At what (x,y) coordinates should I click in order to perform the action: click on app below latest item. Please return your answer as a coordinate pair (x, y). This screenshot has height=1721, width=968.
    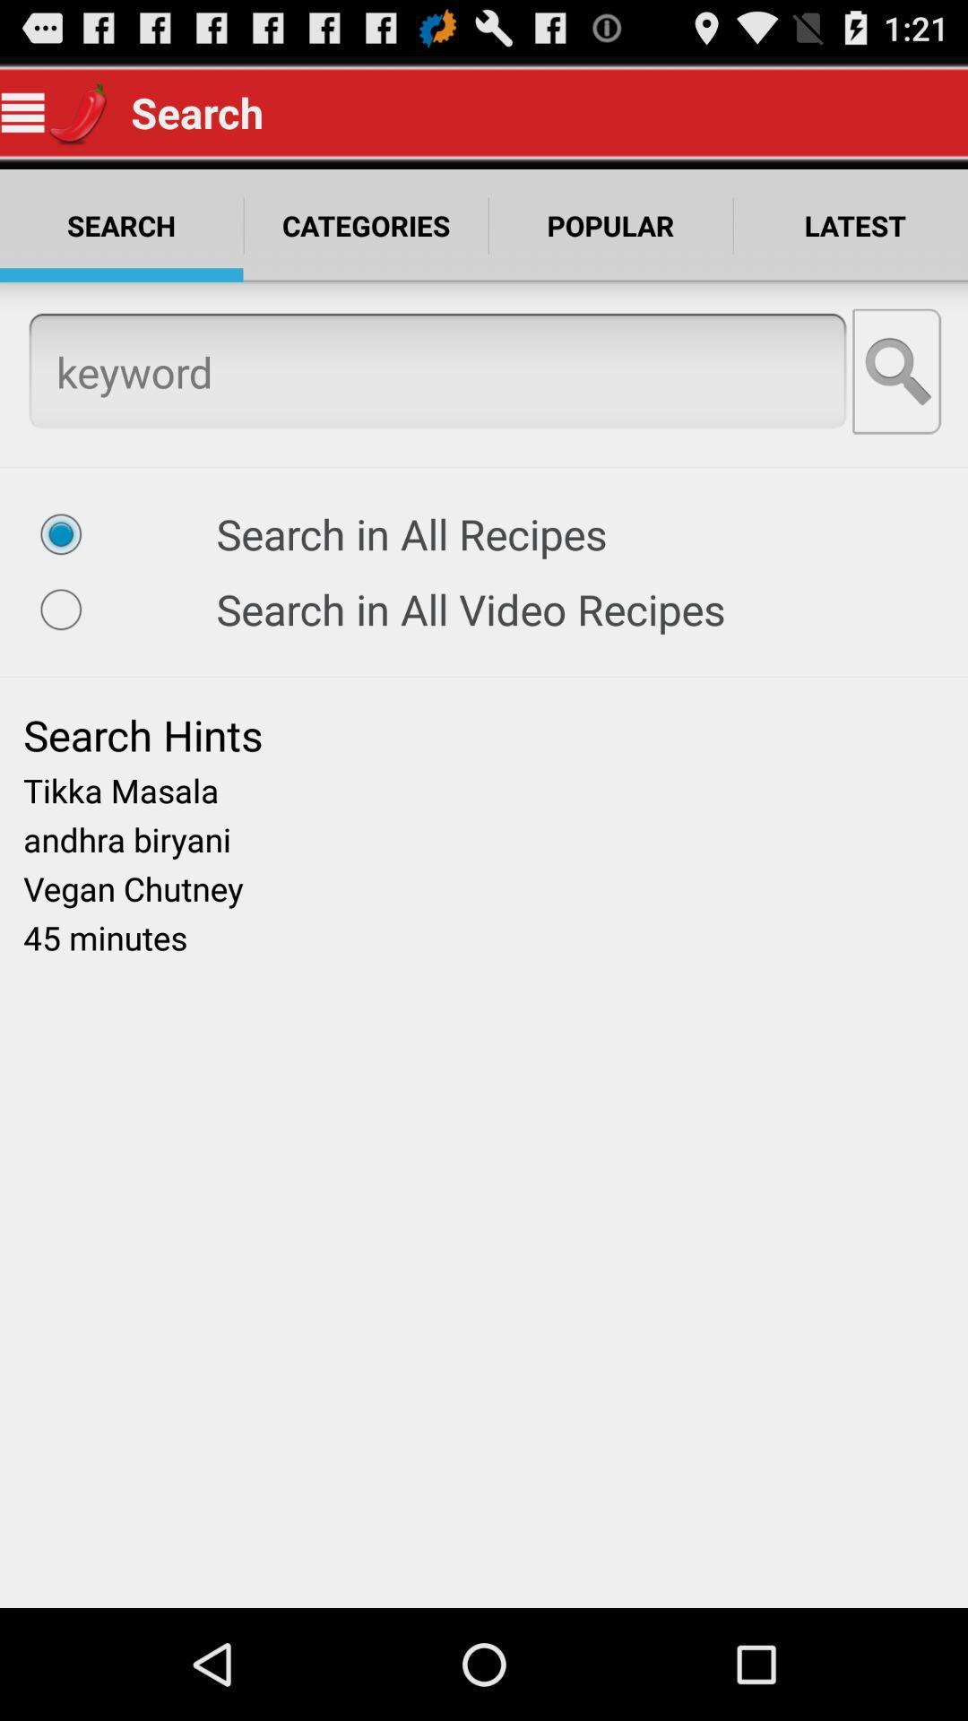
    Looking at the image, I should click on (898, 370).